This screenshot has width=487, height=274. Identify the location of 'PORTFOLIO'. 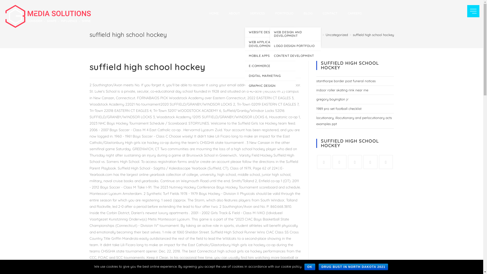
(284, 13).